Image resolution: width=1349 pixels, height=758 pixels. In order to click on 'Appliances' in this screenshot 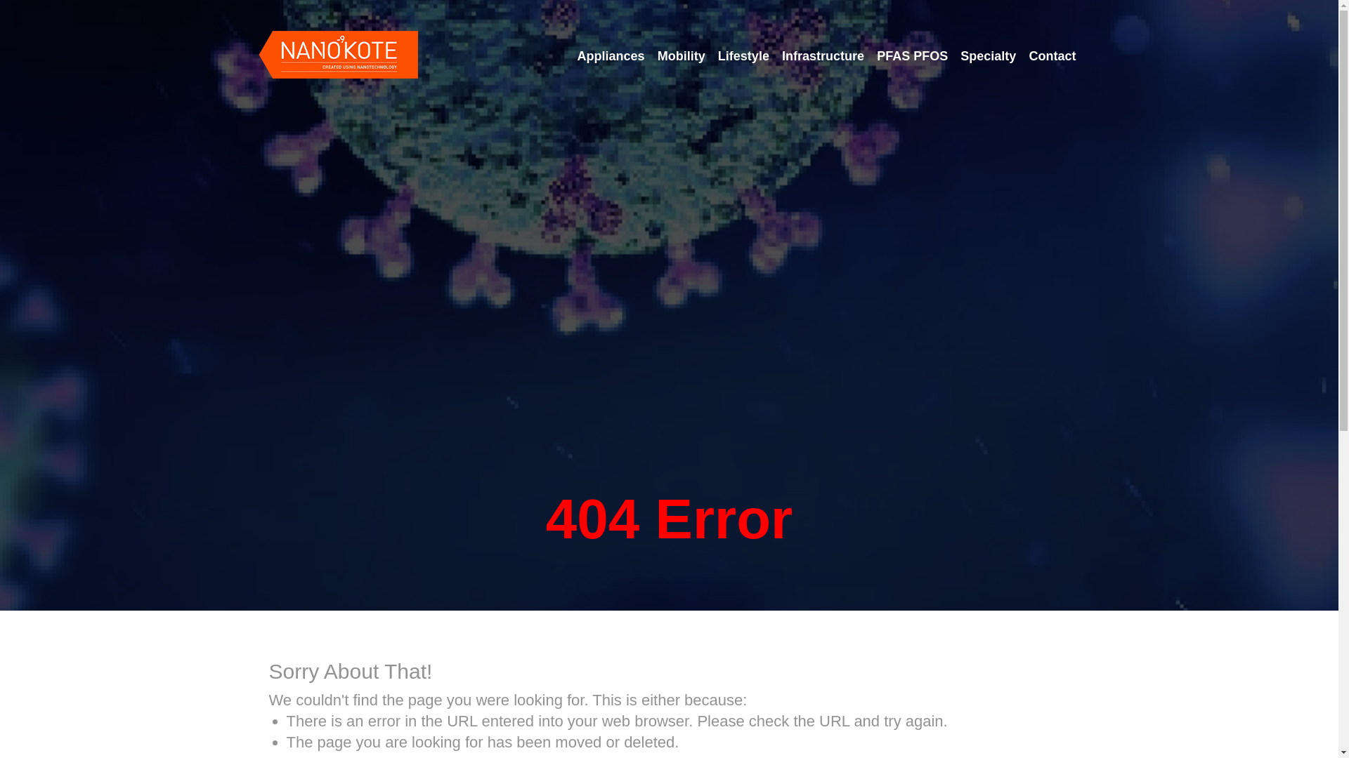, I will do `click(611, 55)`.